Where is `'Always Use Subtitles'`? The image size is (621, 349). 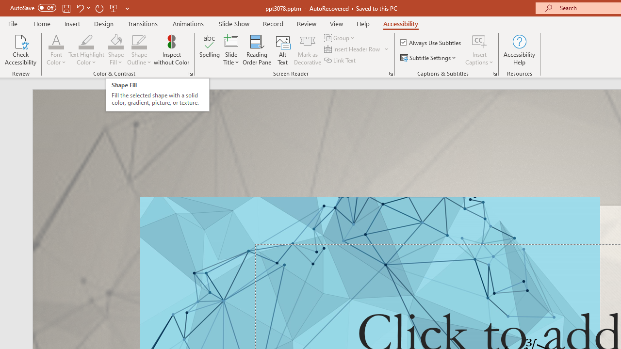
'Always Use Subtitles' is located at coordinates (431, 42).